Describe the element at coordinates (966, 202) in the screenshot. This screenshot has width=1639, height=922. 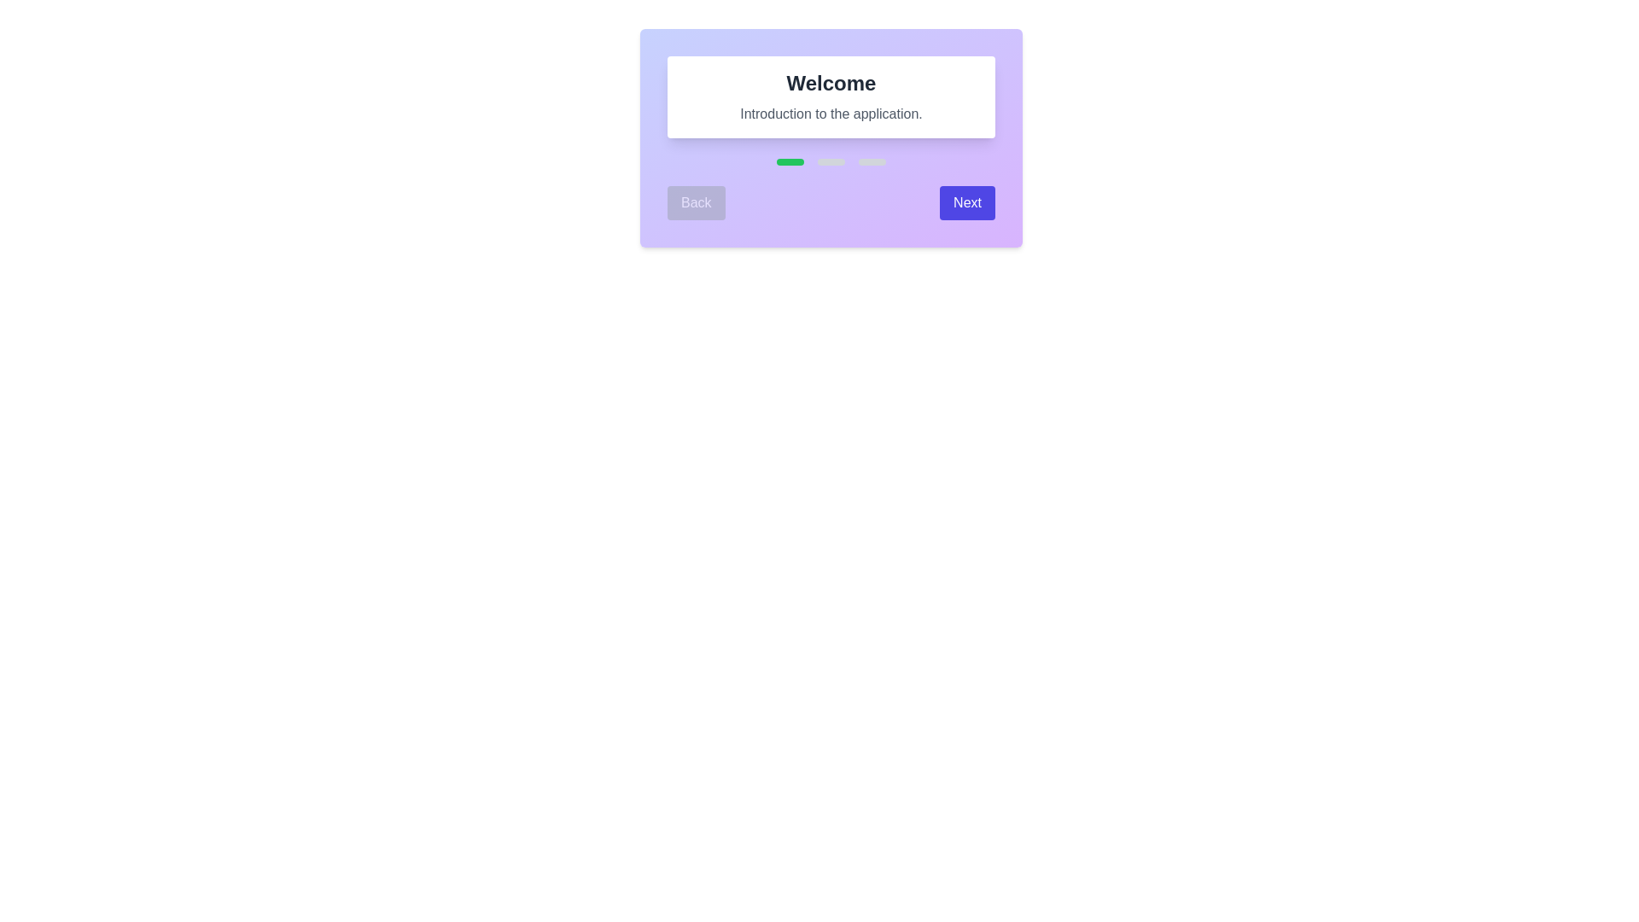
I see `the 'Next' button to navigate to the next step` at that location.